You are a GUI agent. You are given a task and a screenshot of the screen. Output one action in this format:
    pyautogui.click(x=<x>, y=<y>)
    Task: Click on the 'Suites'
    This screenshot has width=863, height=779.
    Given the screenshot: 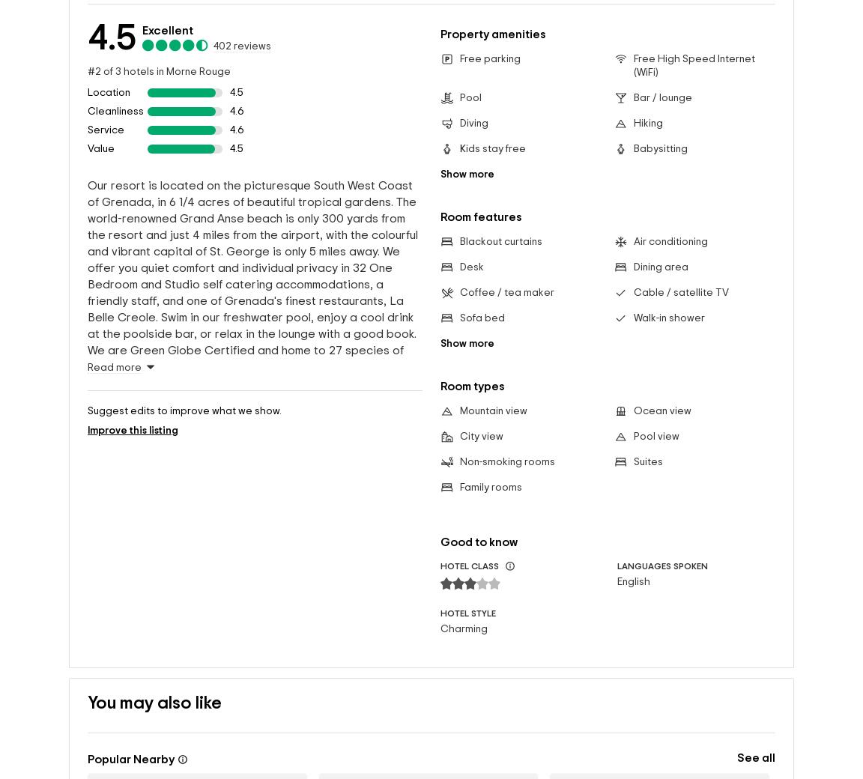 What is the action you would take?
    pyautogui.click(x=632, y=461)
    